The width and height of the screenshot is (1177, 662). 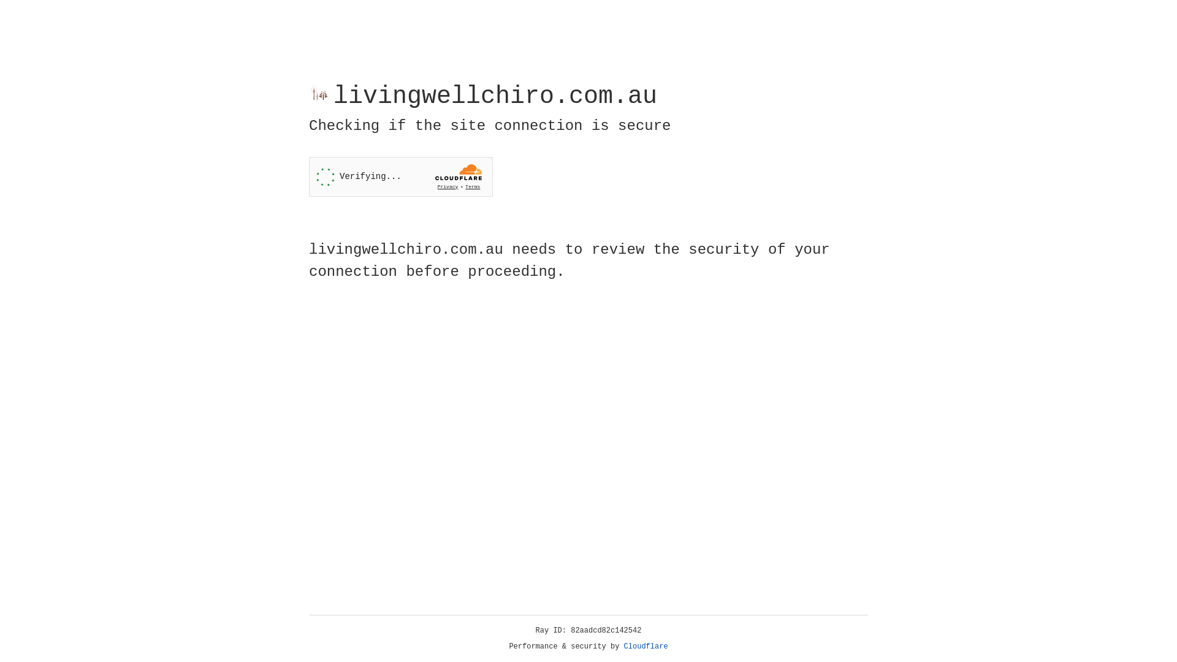 What do you see at coordinates (646, 646) in the screenshot?
I see `'Cloudflare'` at bounding box center [646, 646].